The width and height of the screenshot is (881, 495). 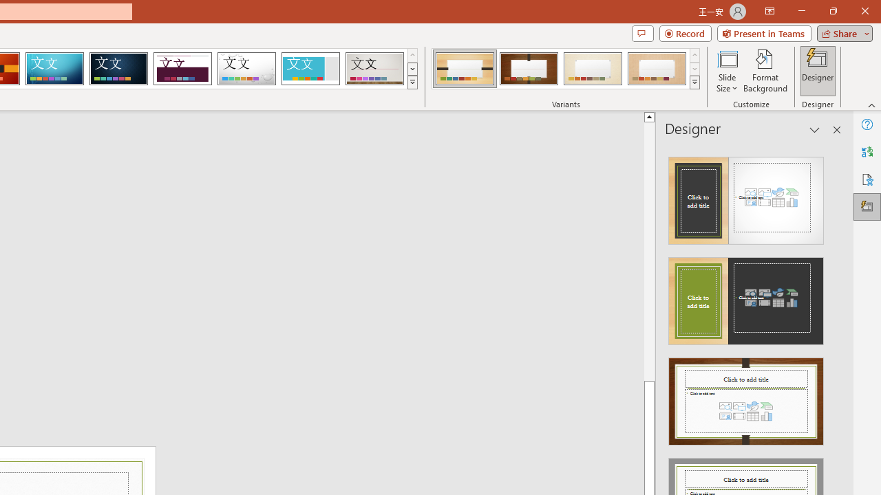 I want to click on 'Organic Variant 1', so click(x=465, y=69).